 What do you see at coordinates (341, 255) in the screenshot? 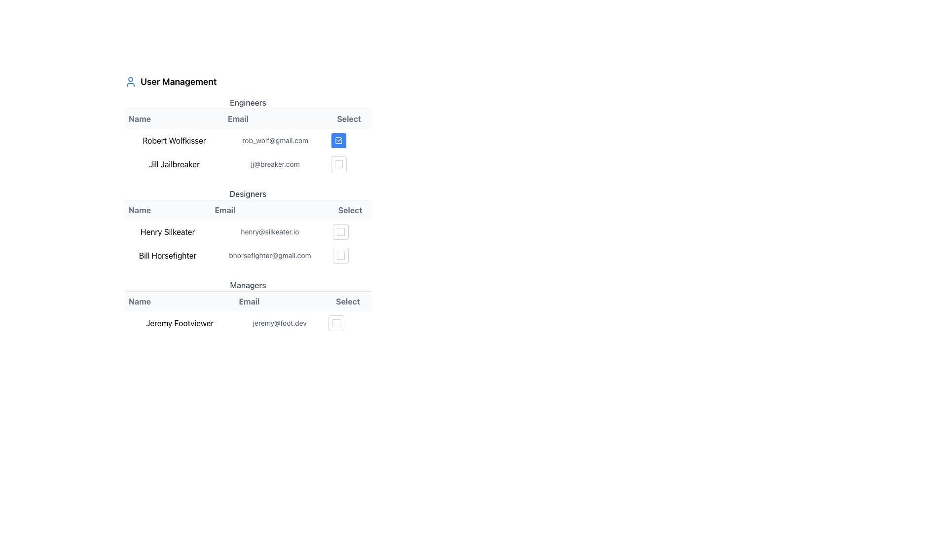
I see `the checkbox in the 'Select' column of the 'Designers' section, in the same row as the email entry for 'Bill Horsefighter'` at bounding box center [341, 255].